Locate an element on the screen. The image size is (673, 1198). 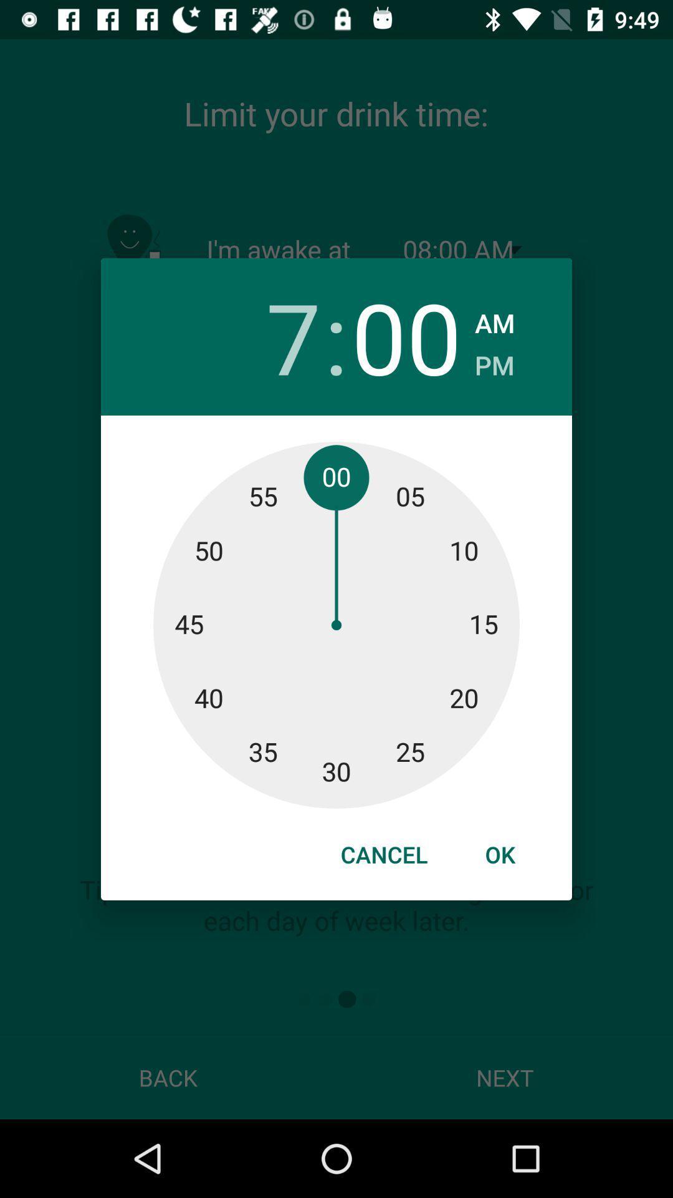
item next to 00 icon is located at coordinates (494, 319).